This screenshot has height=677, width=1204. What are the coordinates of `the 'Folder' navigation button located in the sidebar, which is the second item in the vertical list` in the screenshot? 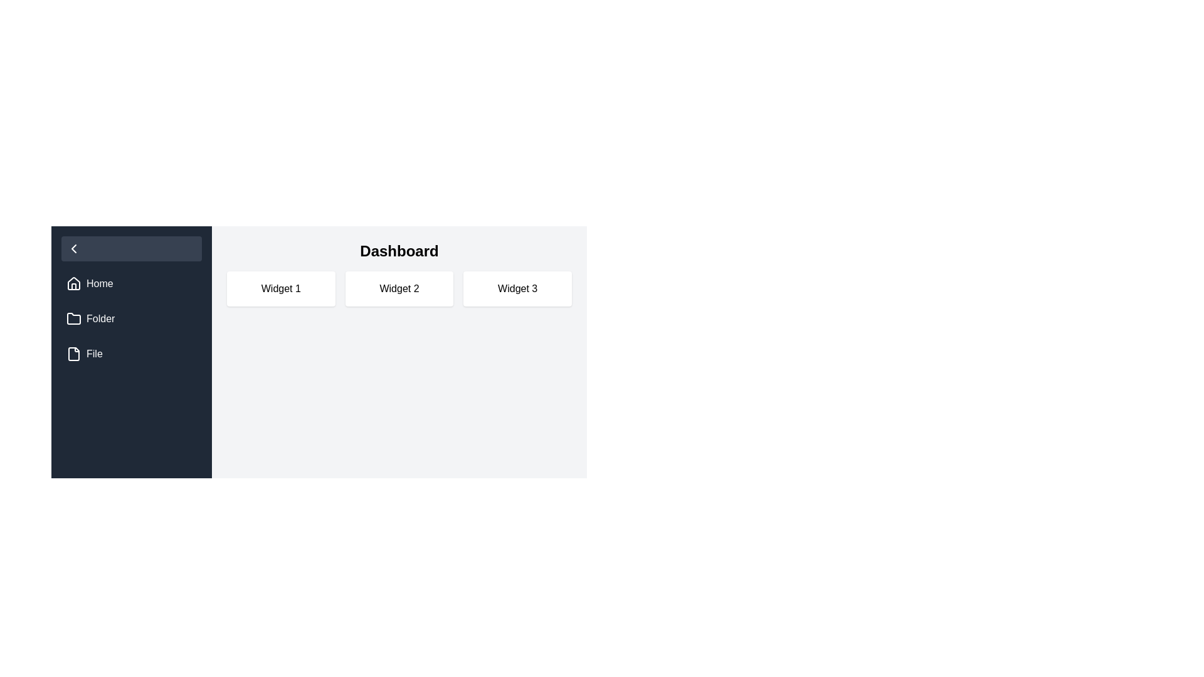 It's located at (132, 318).